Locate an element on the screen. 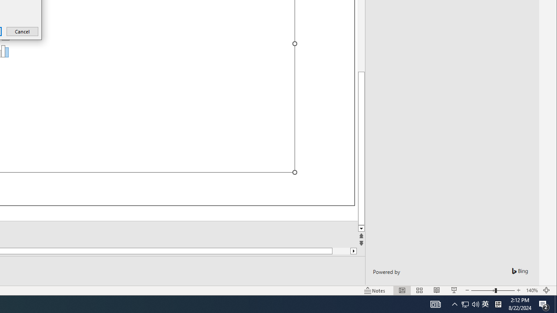 This screenshot has width=557, height=313. 'Zoom 140%' is located at coordinates (531, 290).